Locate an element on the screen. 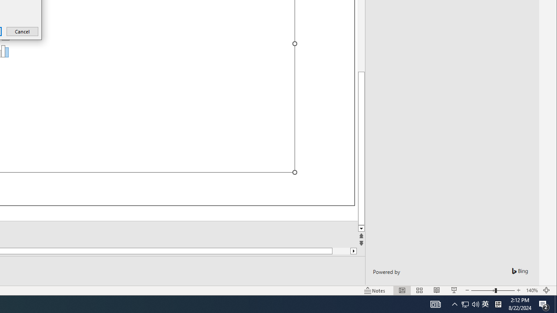 This screenshot has width=557, height=313. 'Zoom 140%' is located at coordinates (531, 290).